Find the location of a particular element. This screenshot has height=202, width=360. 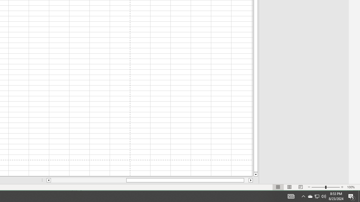

'Page left' is located at coordinates (88, 180).